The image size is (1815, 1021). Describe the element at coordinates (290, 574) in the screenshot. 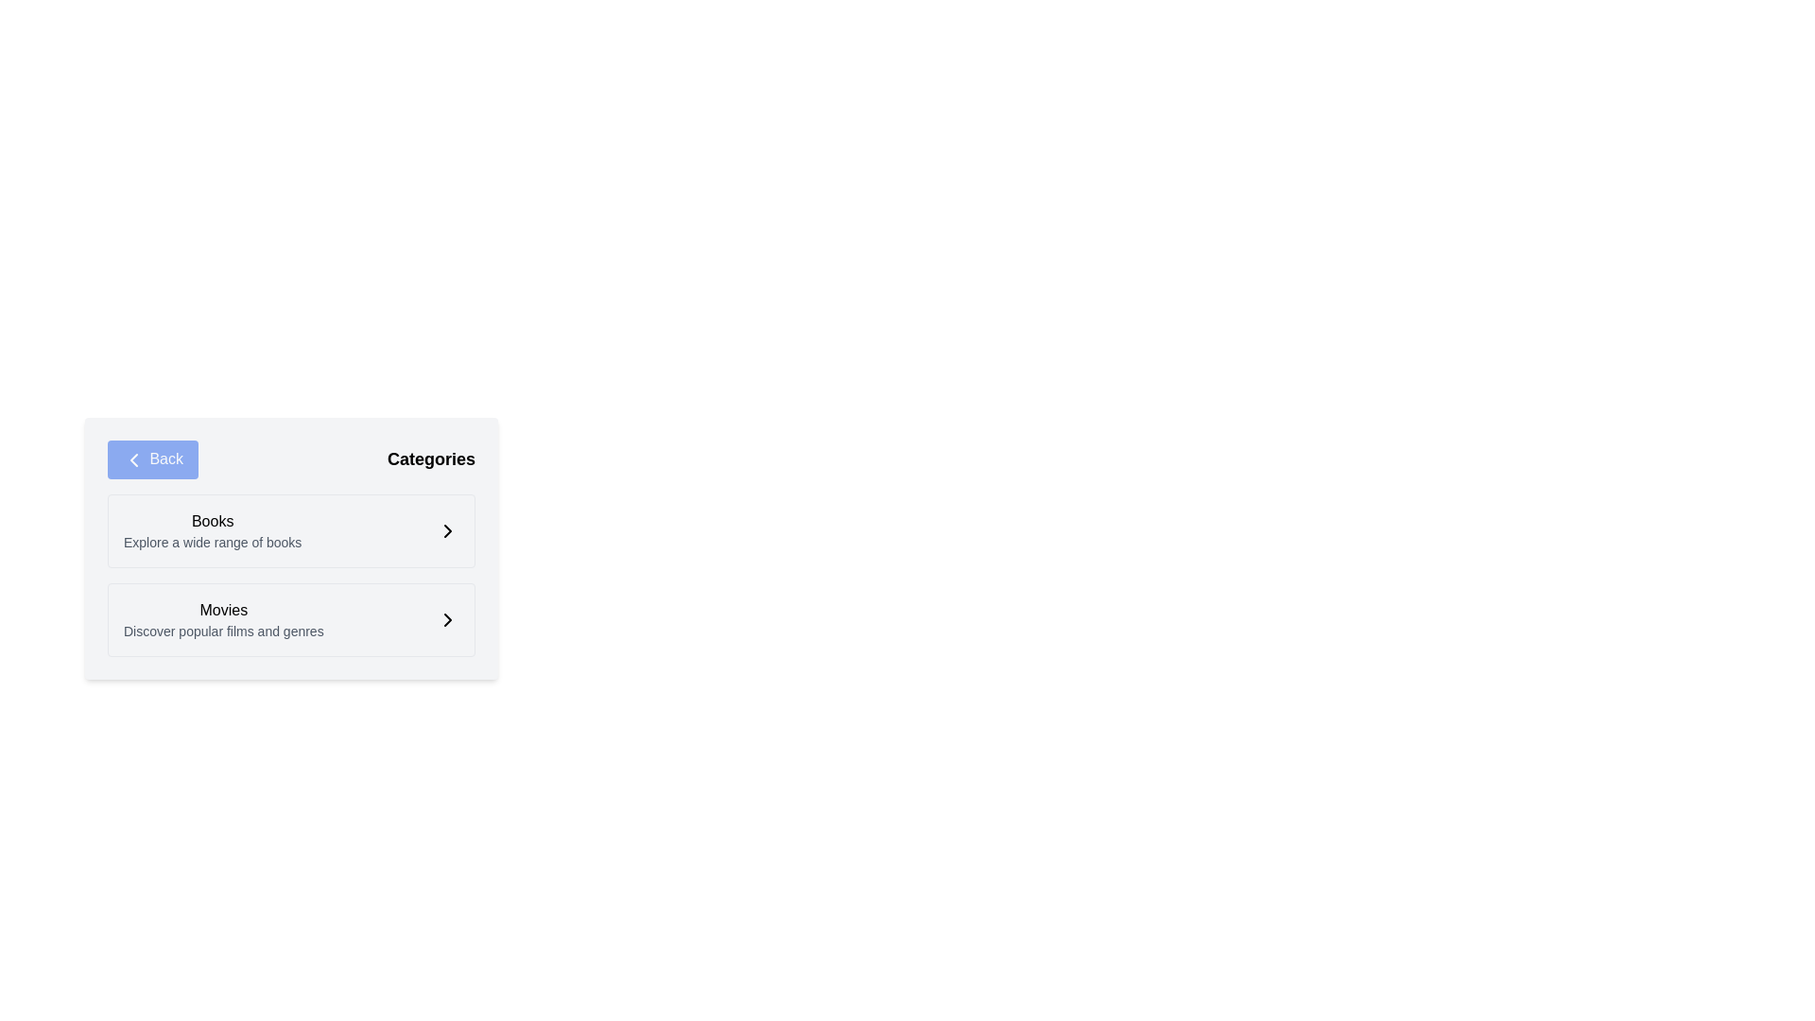

I see `the Navigation menu rows to view context menu options for categories such as 'Books' and 'Movies'` at that location.